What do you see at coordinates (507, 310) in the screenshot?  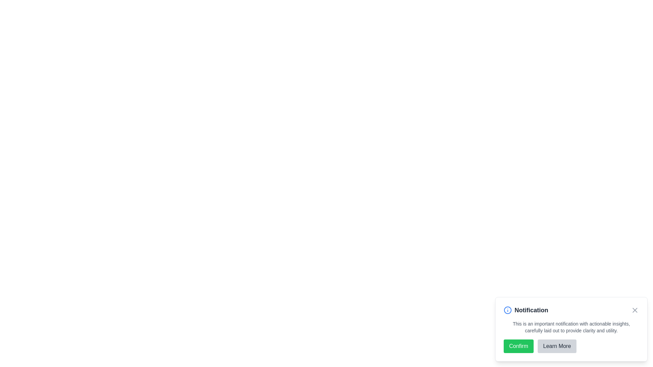 I see `the SVG Circle element, which serves as a visual indicator within the 'info' icon in the notification dialog box located at the bottom-right corner of the interface` at bounding box center [507, 310].